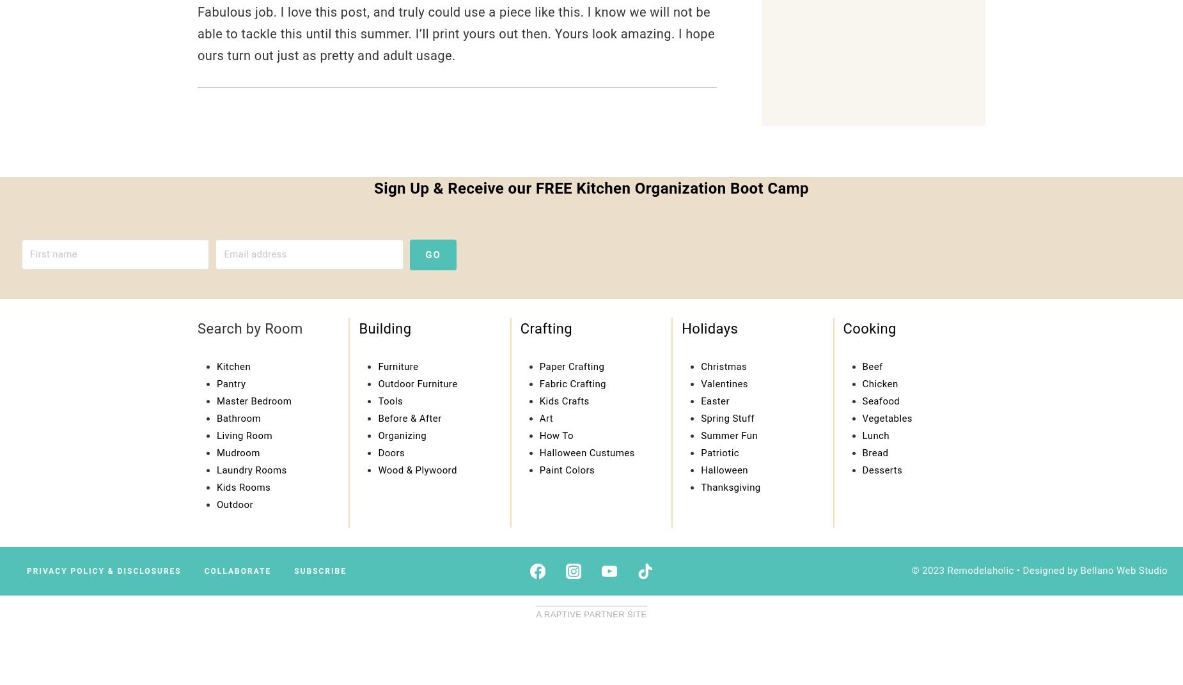 Image resolution: width=1183 pixels, height=685 pixels. I want to click on 'Desserts', so click(881, 468).